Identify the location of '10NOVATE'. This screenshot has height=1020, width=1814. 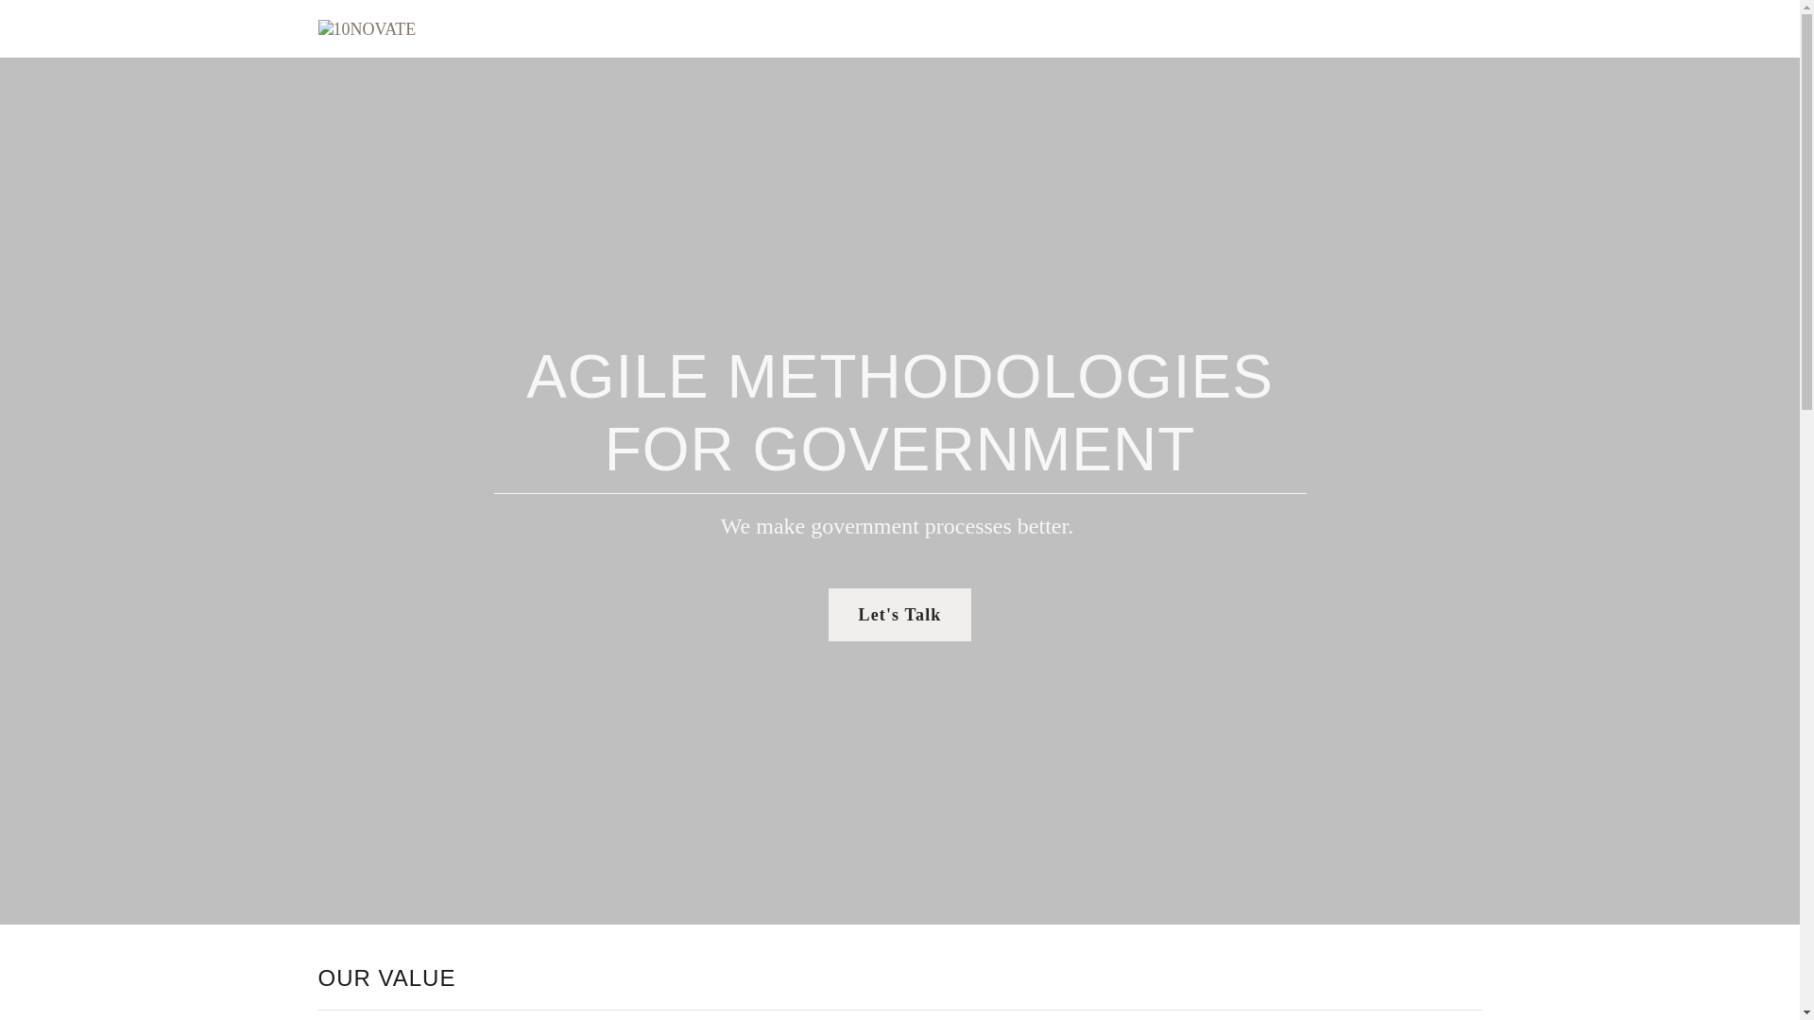
(367, 27).